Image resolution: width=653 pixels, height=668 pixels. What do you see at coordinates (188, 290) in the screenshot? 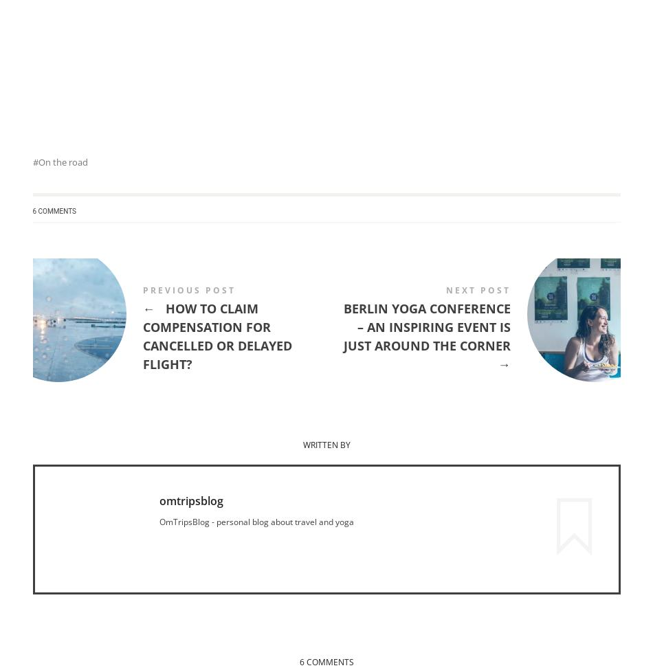
I see `'Previous Post'` at bounding box center [188, 290].